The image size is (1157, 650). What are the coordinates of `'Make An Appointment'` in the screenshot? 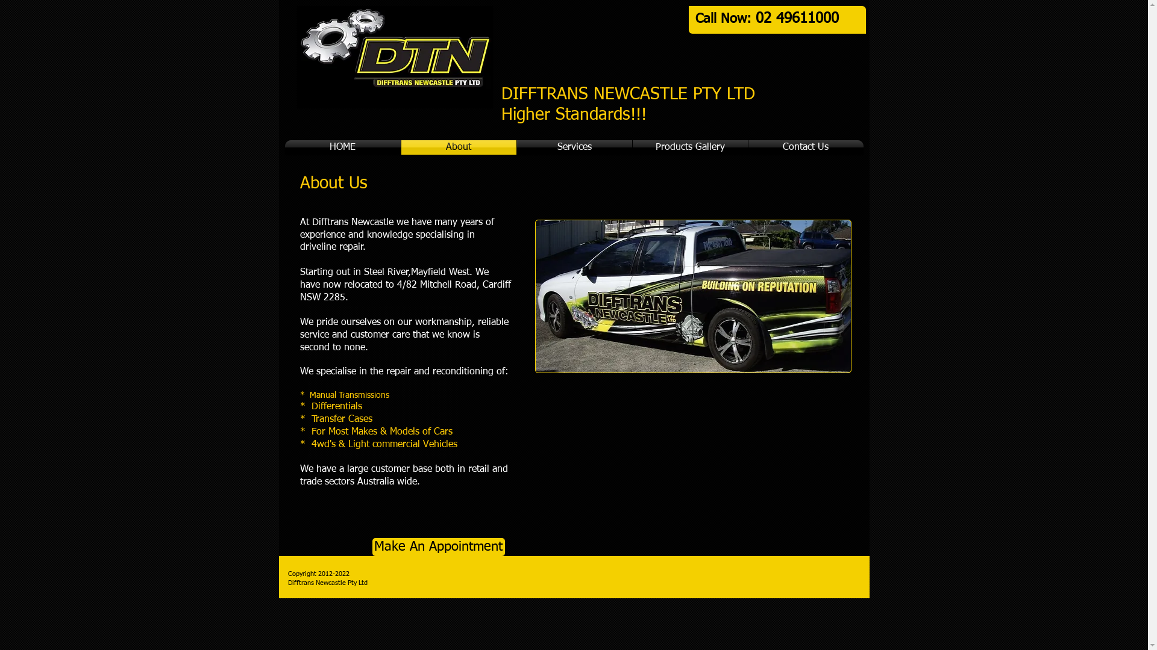 It's located at (438, 547).